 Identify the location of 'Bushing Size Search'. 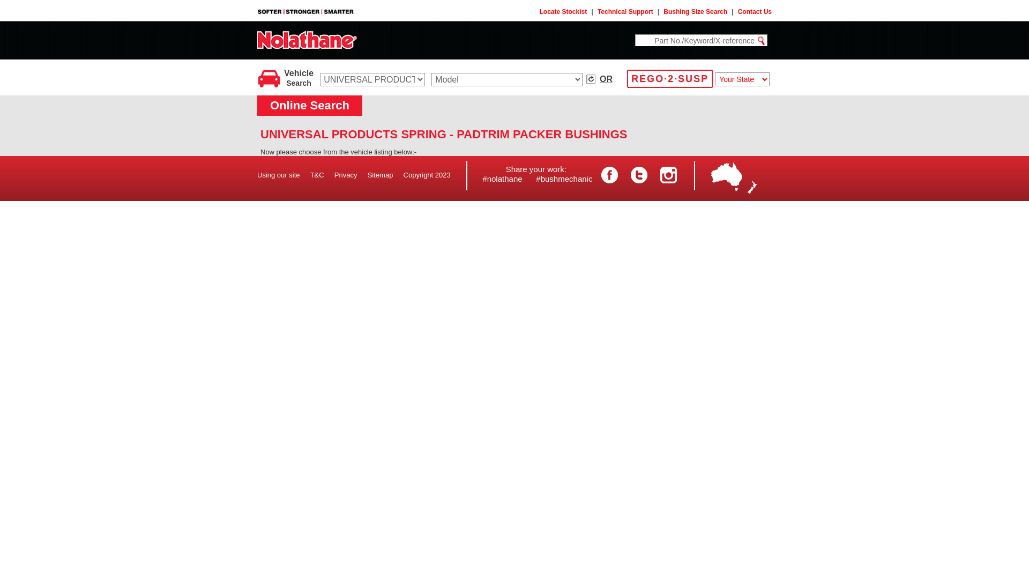
(695, 12).